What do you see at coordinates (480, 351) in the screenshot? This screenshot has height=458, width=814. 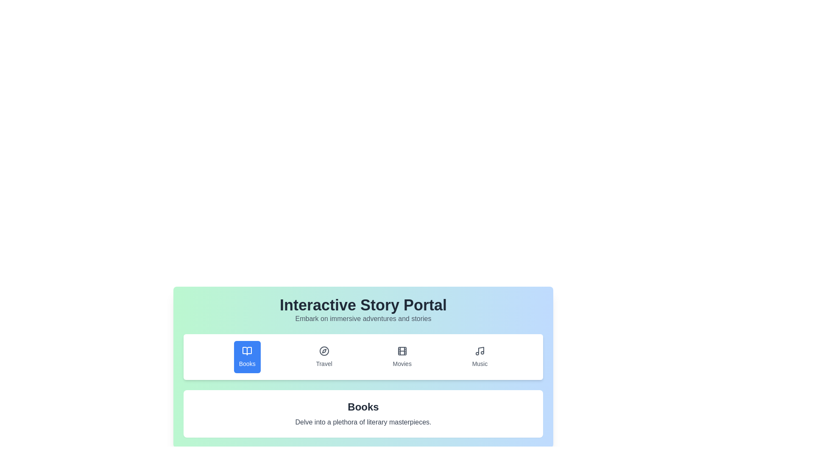 I see `the musical note icon located within the 'Music' button, which is positioned on the rightmost side of the options row under the 'Interactive Story Portal' header` at bounding box center [480, 351].